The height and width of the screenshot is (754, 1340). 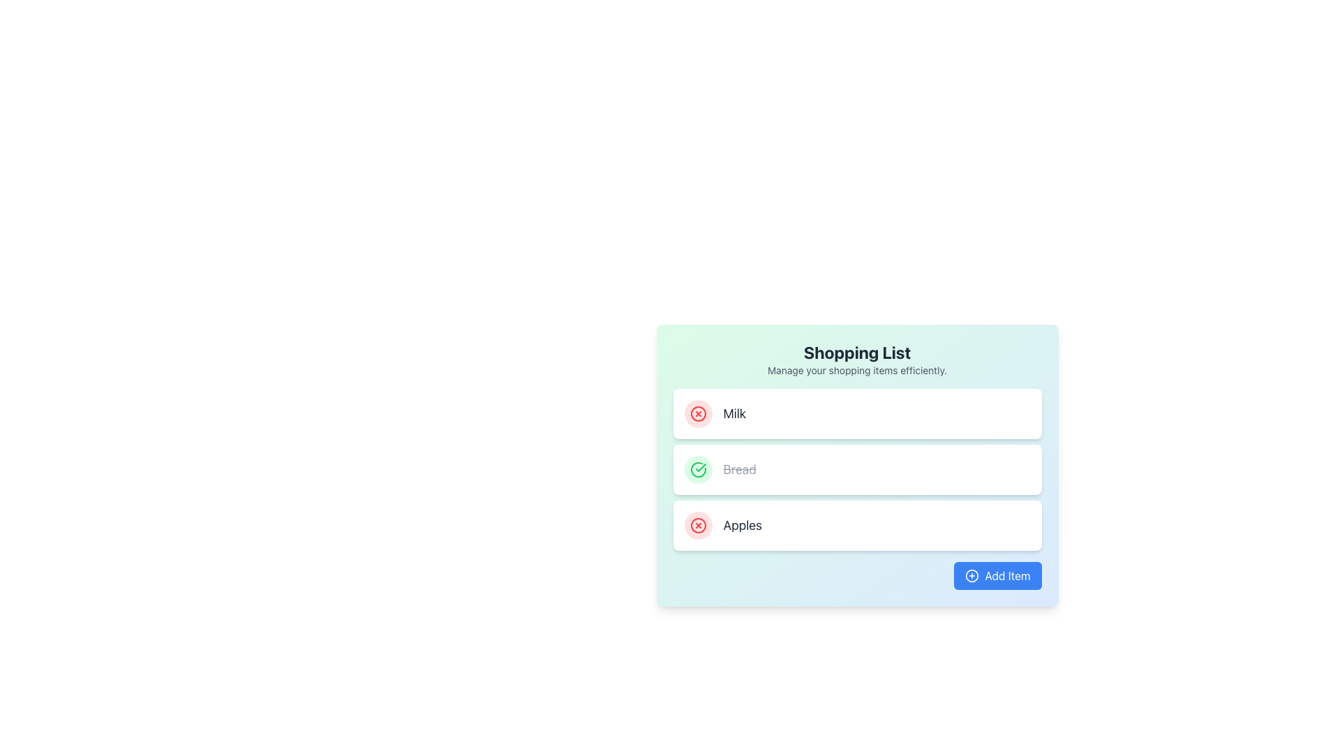 I want to click on the delete button located to the left of the 'Milk' item in the shopping list, so click(x=698, y=413).